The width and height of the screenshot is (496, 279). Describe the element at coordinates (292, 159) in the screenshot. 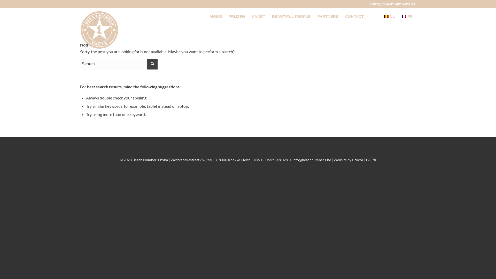

I see `'info@beachnumber1.be'` at that location.